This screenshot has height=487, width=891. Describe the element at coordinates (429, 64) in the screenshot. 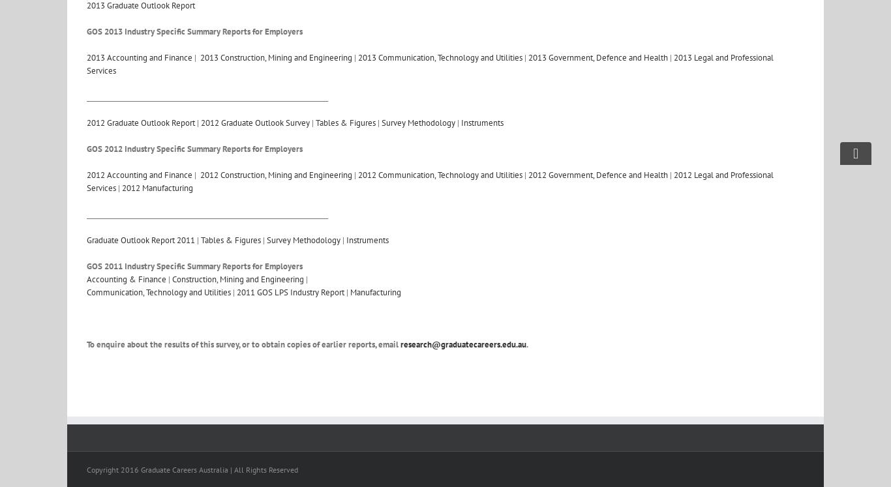

I see `'2013 Legal and Professional Services'` at that location.